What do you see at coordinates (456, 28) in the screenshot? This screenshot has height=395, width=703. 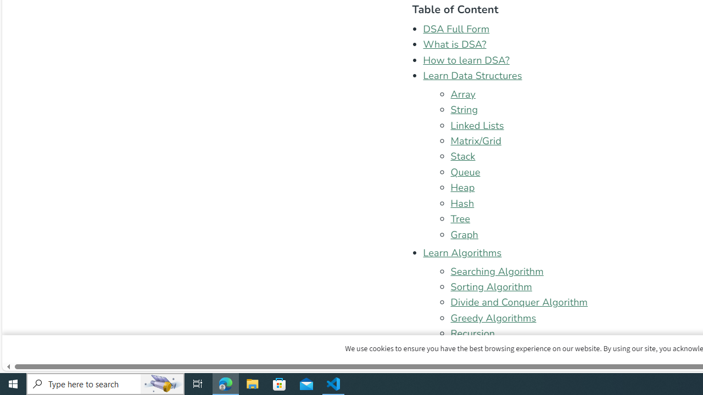 I see `'DSA Full Form'` at bounding box center [456, 28].